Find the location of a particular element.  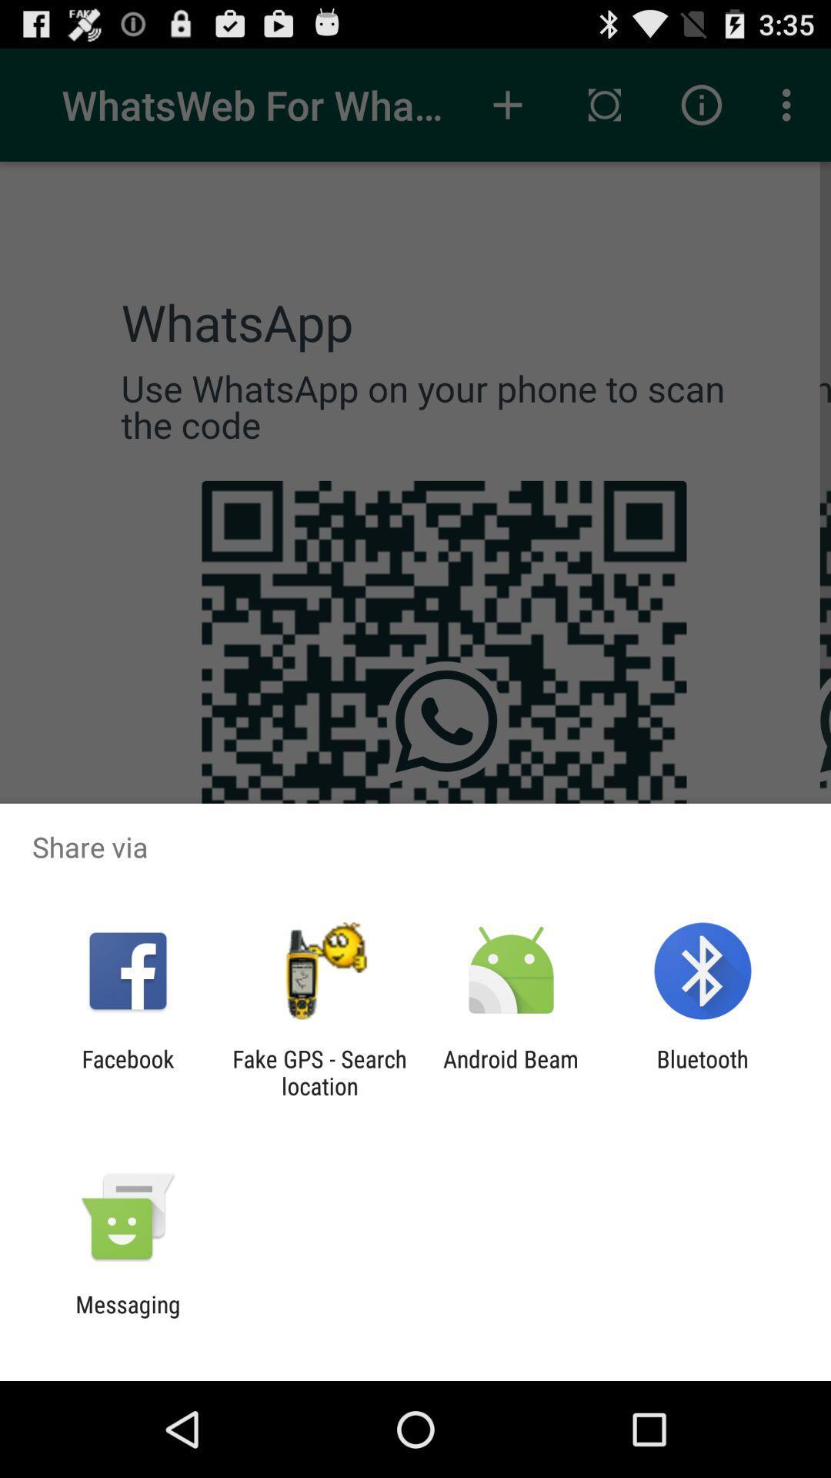

the icon at the bottom right corner is located at coordinates (703, 1072).